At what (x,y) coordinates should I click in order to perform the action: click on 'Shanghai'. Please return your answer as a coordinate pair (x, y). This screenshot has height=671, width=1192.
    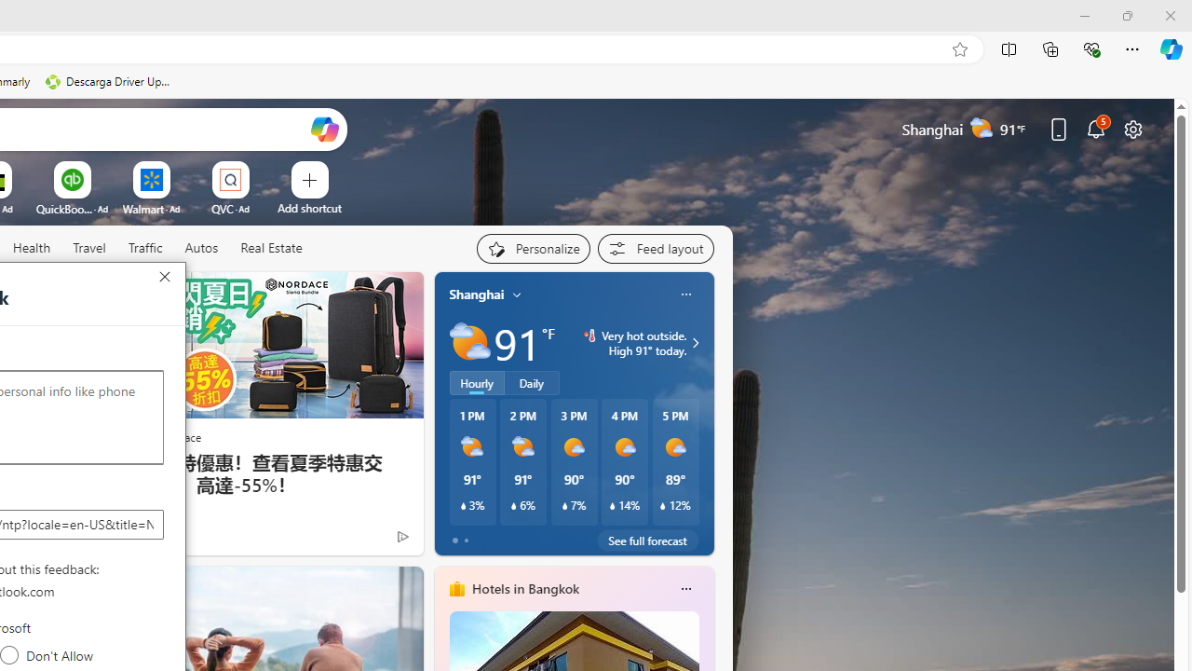
    Looking at the image, I should click on (477, 294).